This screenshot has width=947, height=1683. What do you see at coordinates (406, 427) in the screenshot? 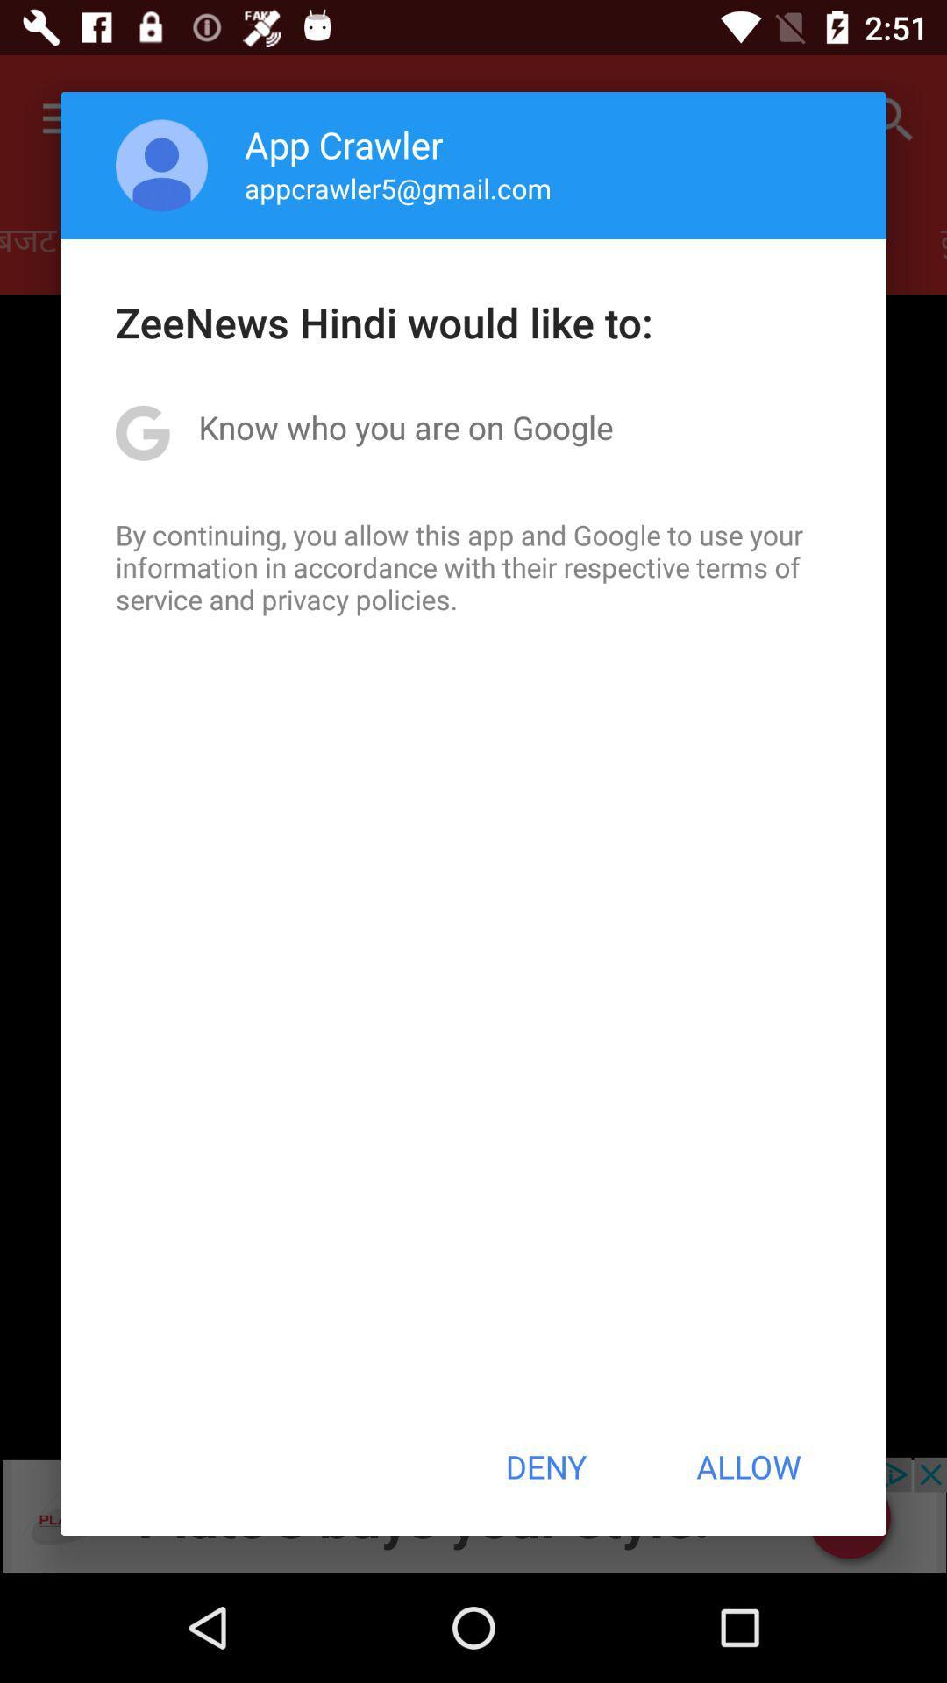
I see `item above by continuing you icon` at bounding box center [406, 427].